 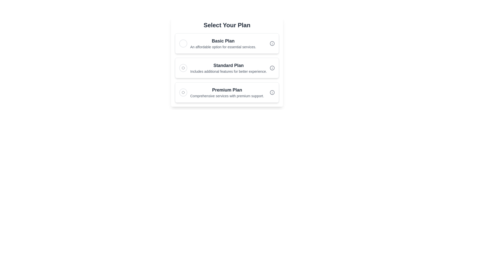 What do you see at coordinates (183, 92) in the screenshot?
I see `the radio button` at bounding box center [183, 92].